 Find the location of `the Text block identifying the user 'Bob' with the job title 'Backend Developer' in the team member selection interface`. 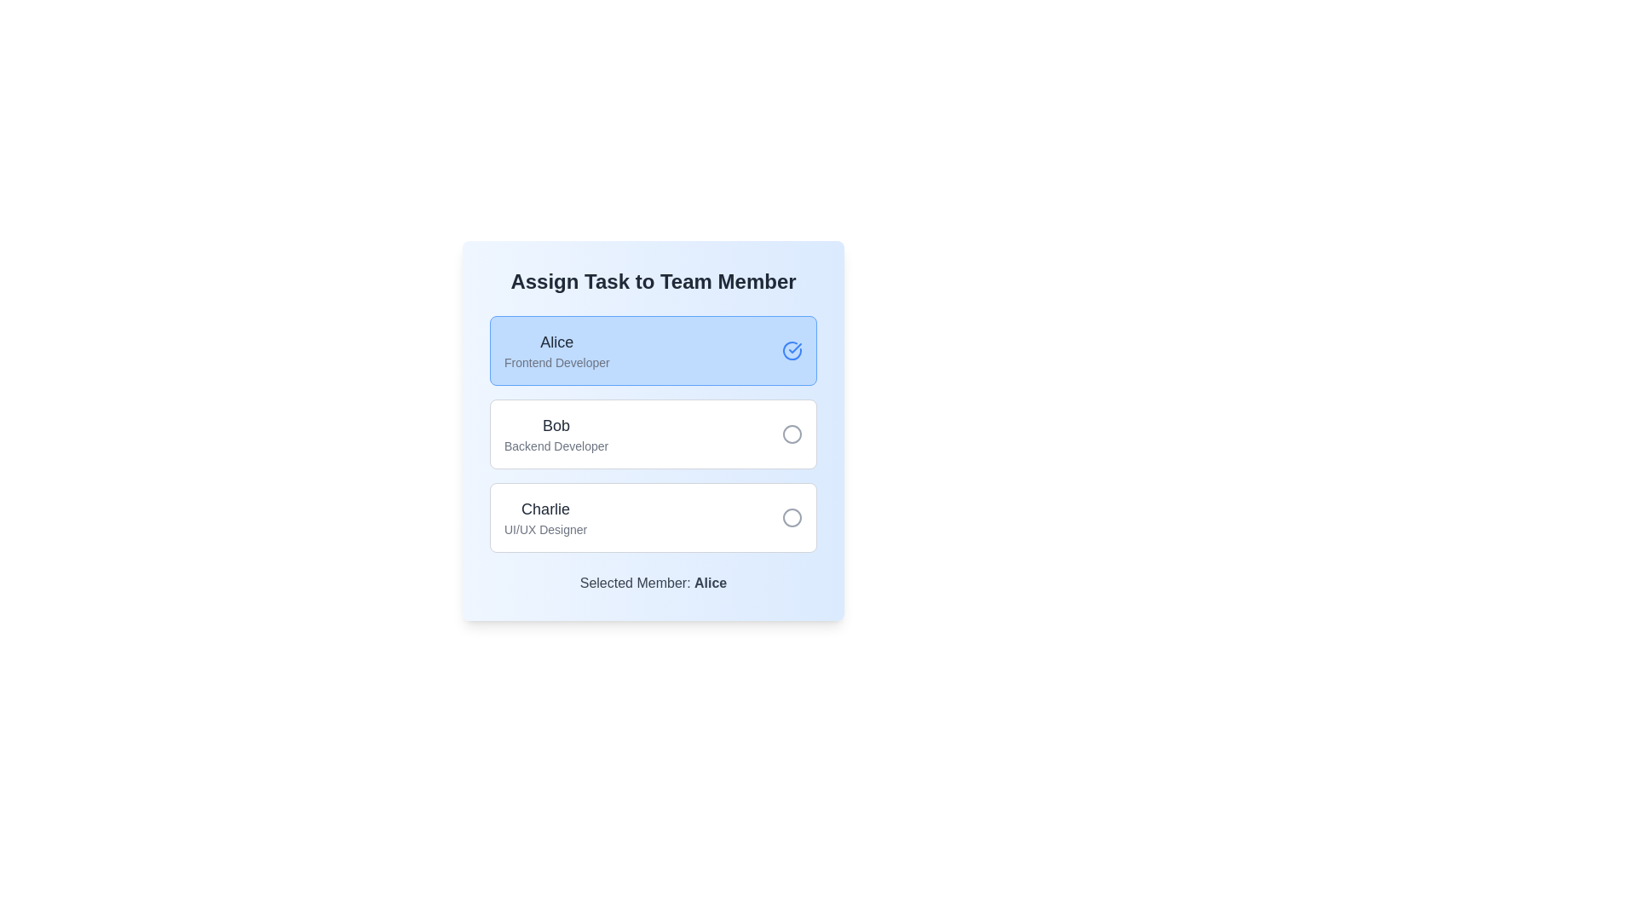

the Text block identifying the user 'Bob' with the job title 'Backend Developer' in the team member selection interface is located at coordinates (556, 433).